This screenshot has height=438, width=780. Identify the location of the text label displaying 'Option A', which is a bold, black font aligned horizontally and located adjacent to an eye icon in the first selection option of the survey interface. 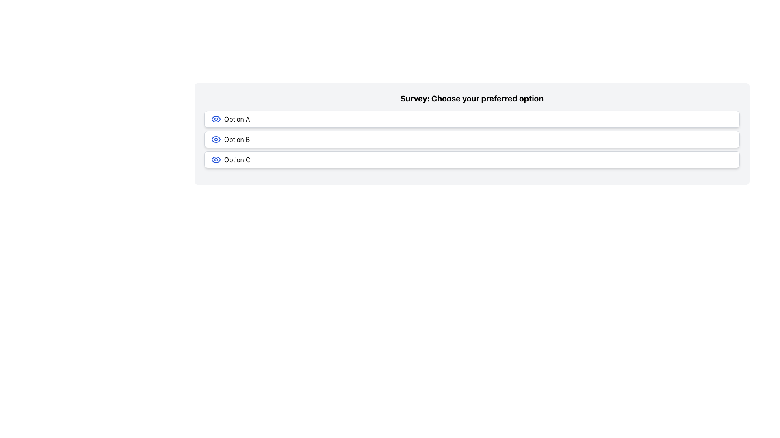
(236, 119).